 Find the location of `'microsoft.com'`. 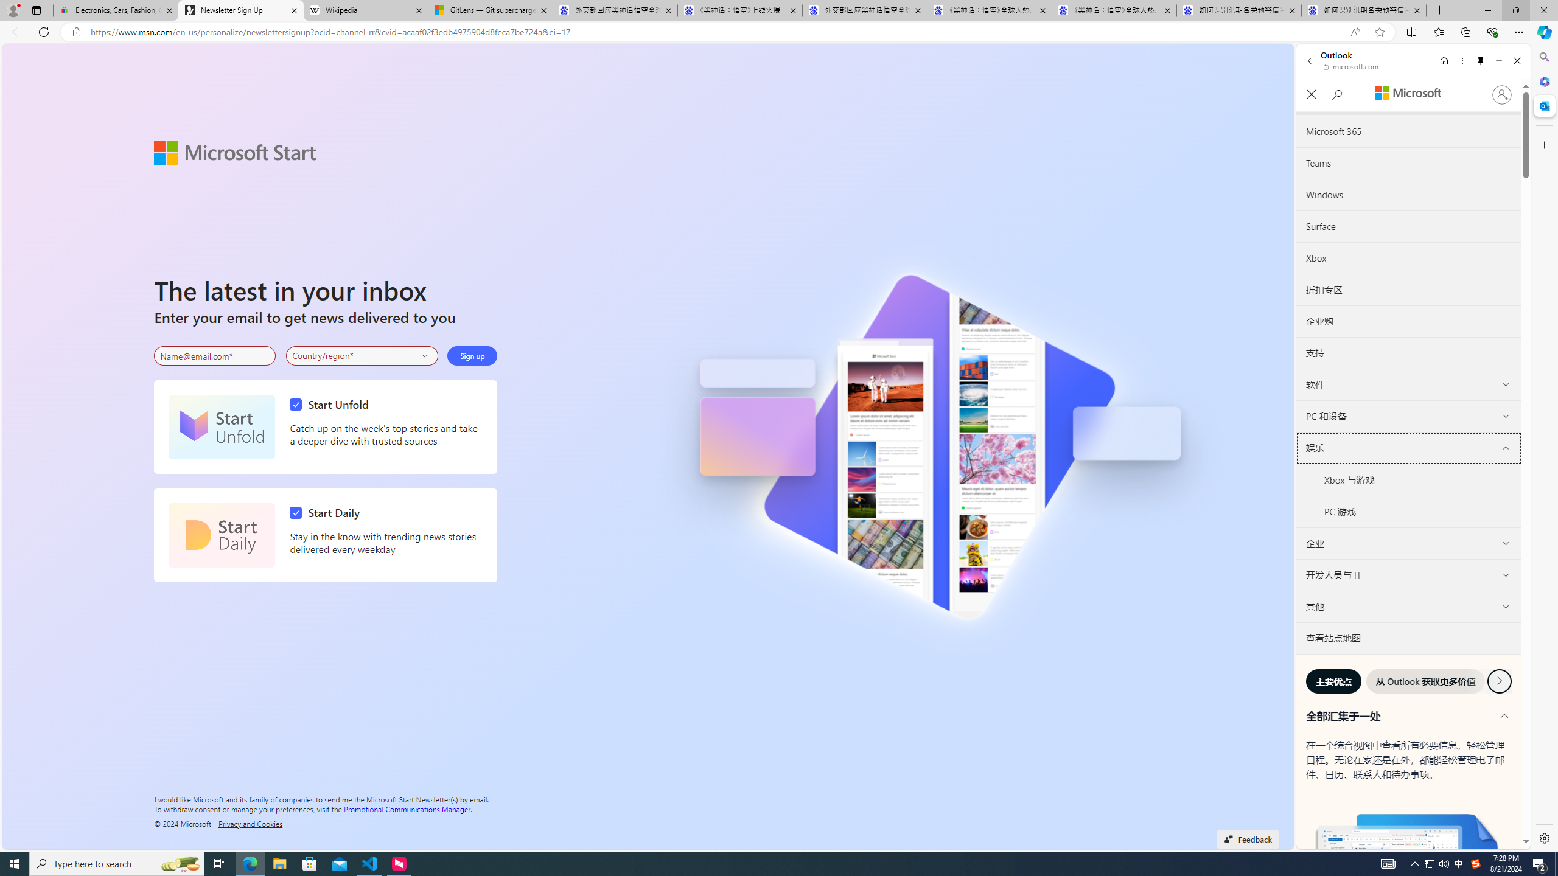

'microsoft.com' is located at coordinates (1352, 66).